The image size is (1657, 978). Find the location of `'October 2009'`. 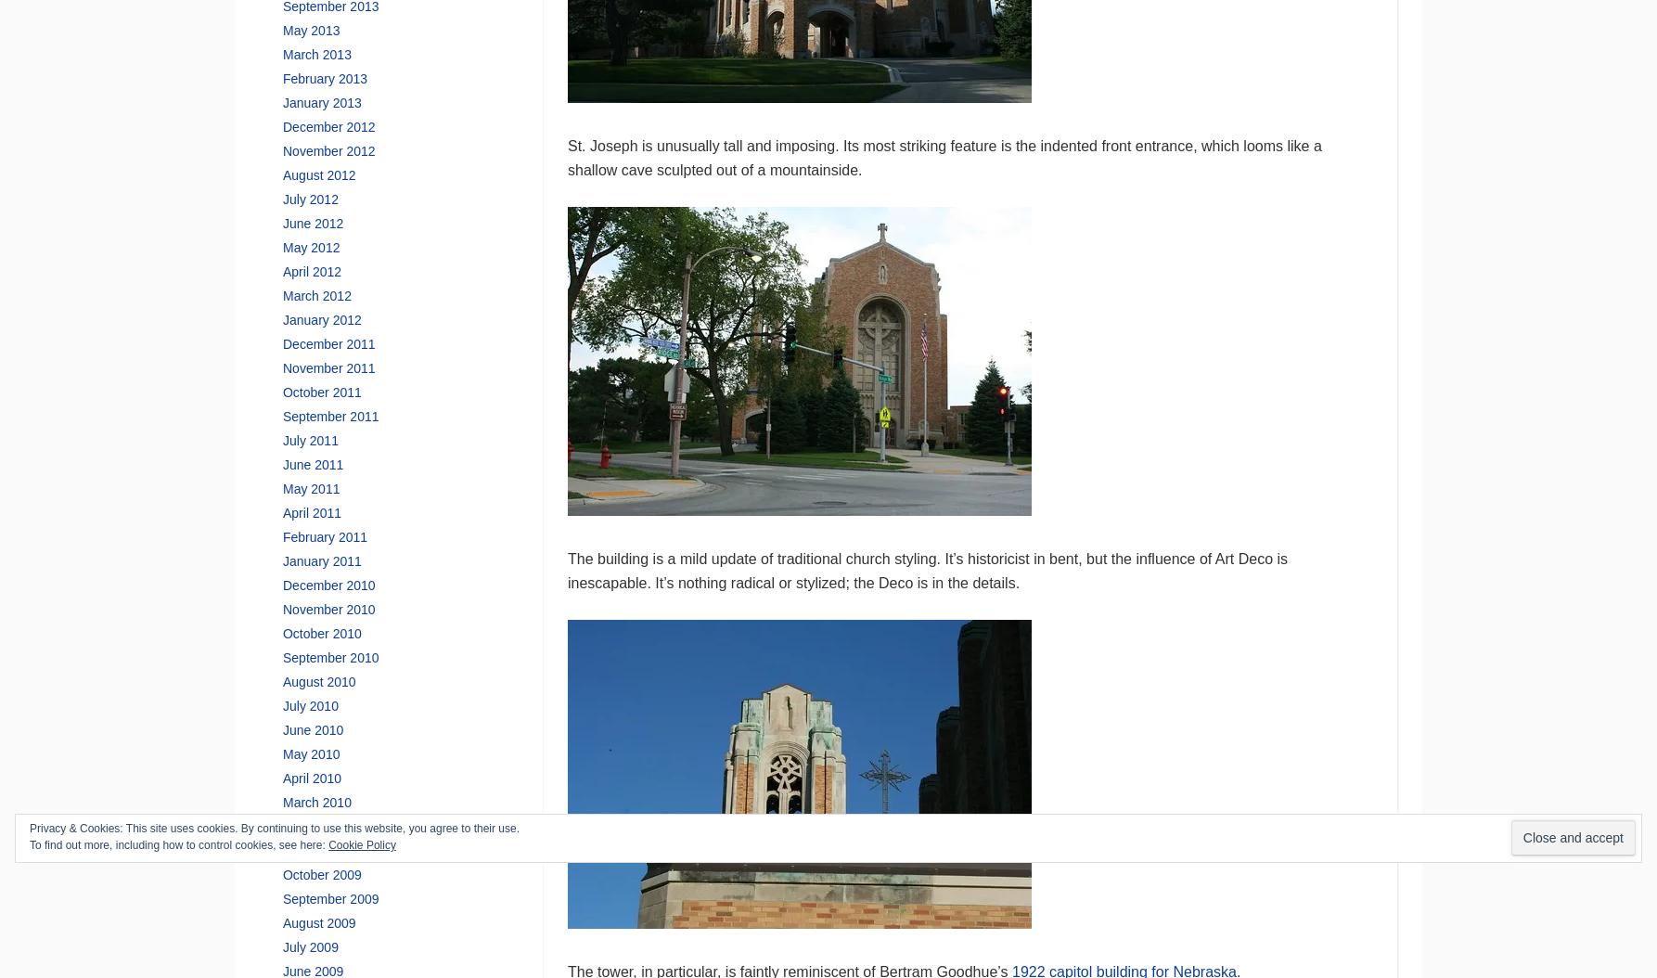

'October 2009' is located at coordinates (281, 872).